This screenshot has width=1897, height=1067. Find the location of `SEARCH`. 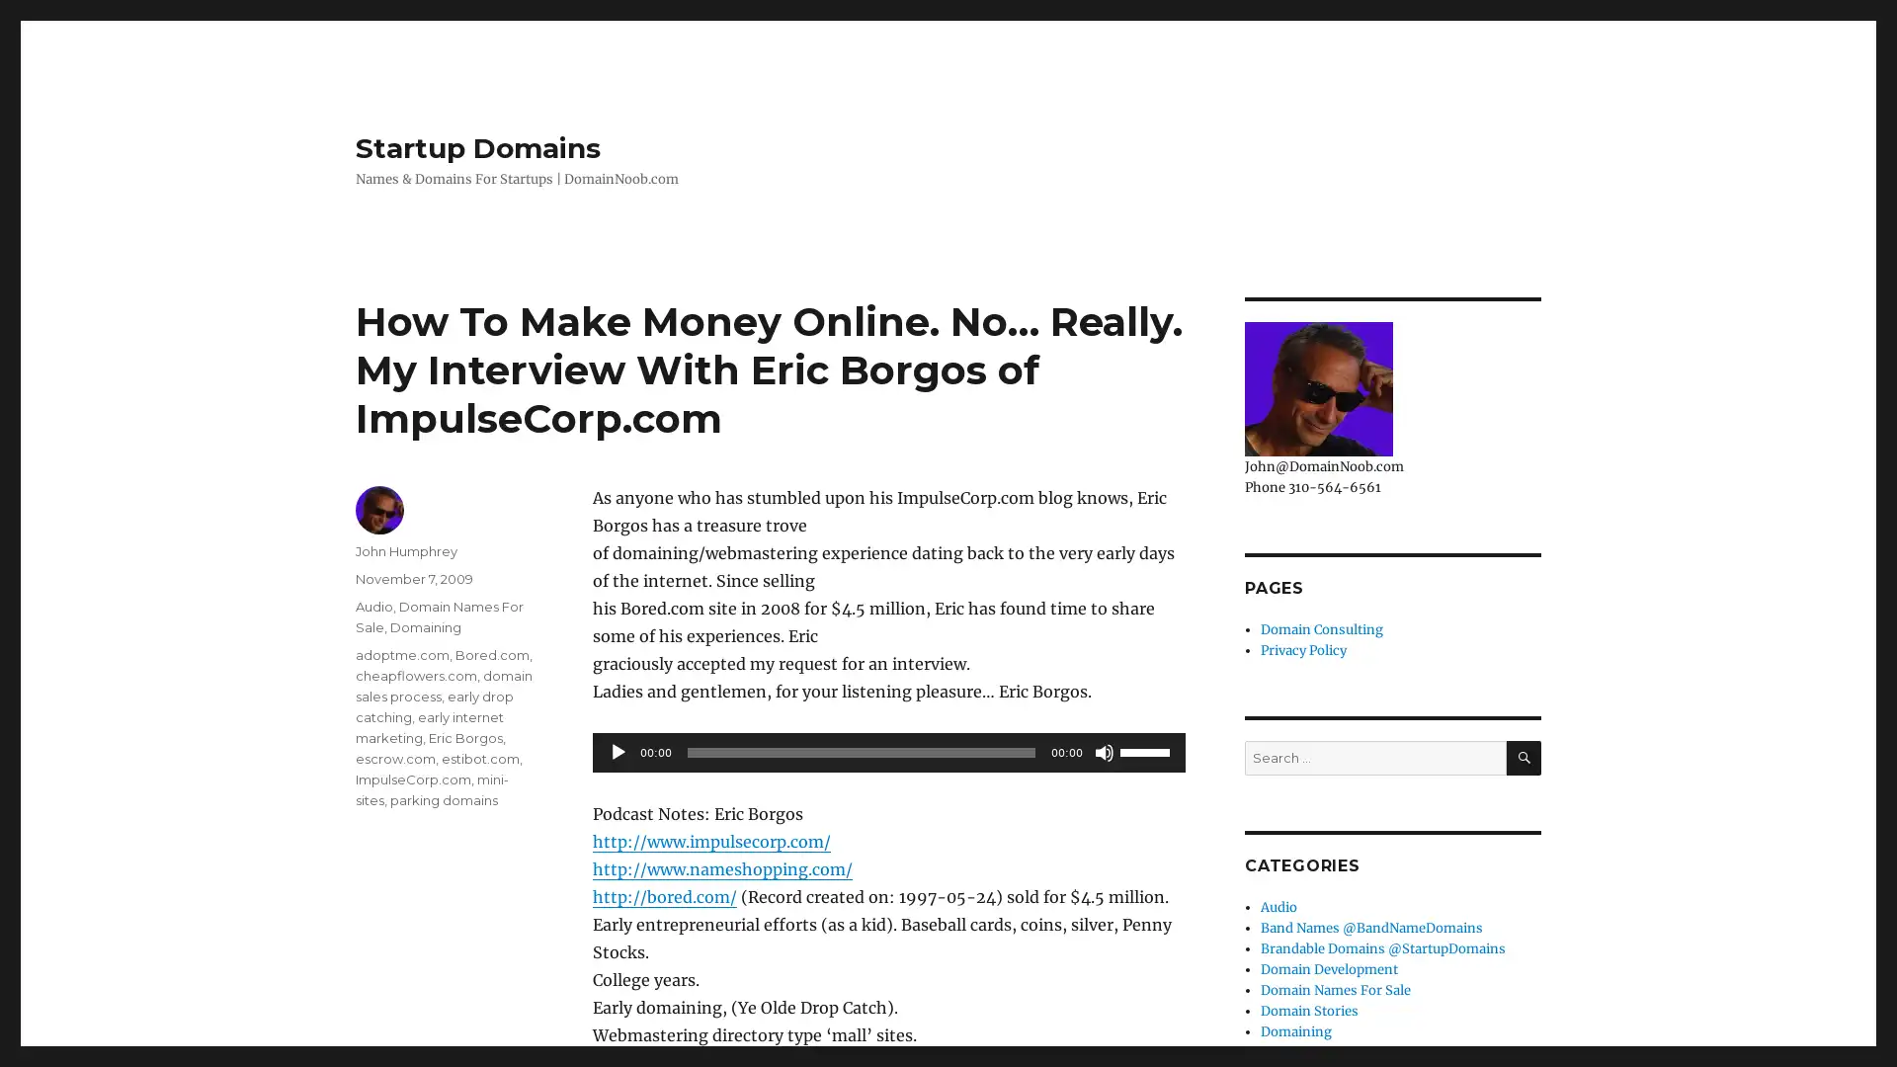

SEARCH is located at coordinates (1523, 756).